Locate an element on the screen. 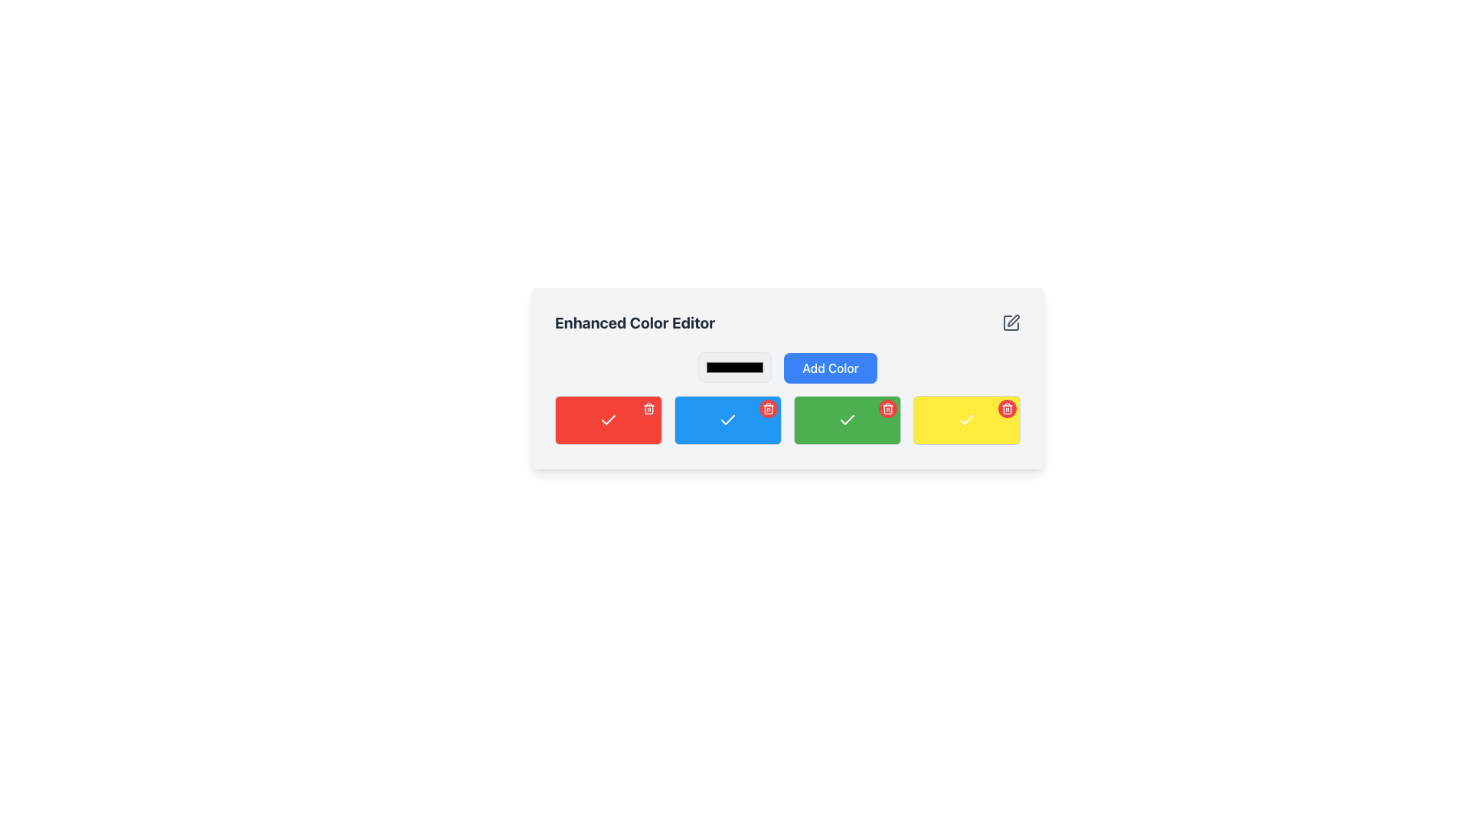  the trash icon located in the top-right corner of the yellow button is located at coordinates (1007, 407).